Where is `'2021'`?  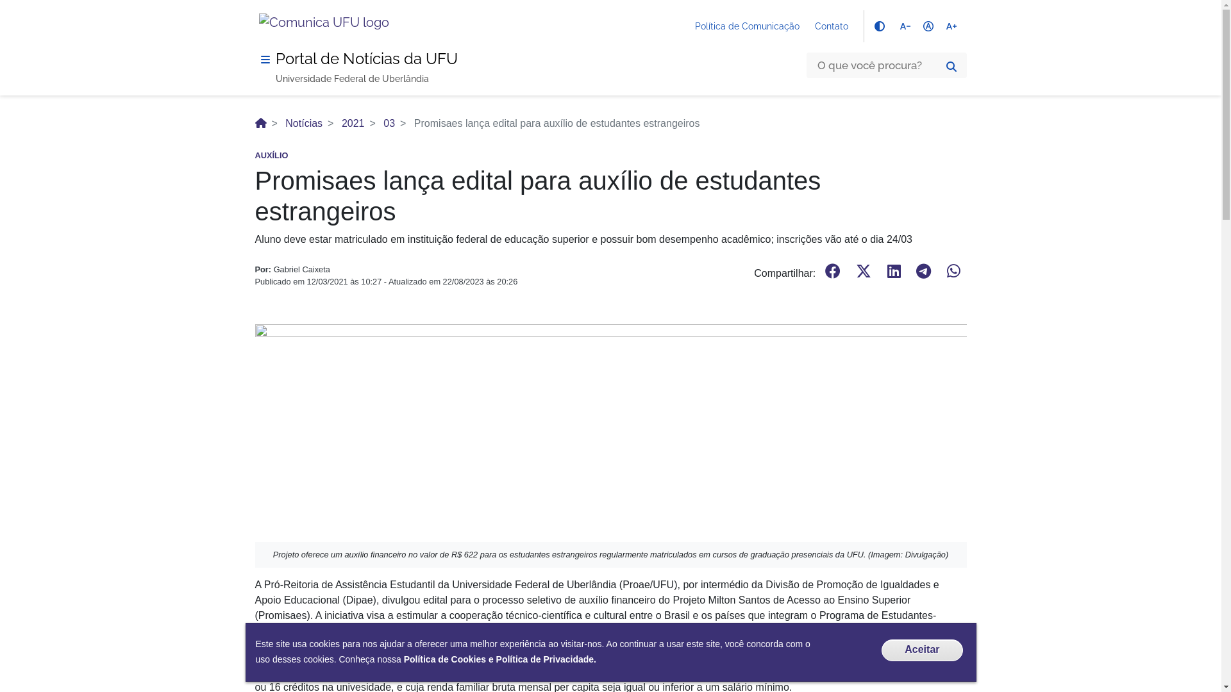 '2021' is located at coordinates (353, 123).